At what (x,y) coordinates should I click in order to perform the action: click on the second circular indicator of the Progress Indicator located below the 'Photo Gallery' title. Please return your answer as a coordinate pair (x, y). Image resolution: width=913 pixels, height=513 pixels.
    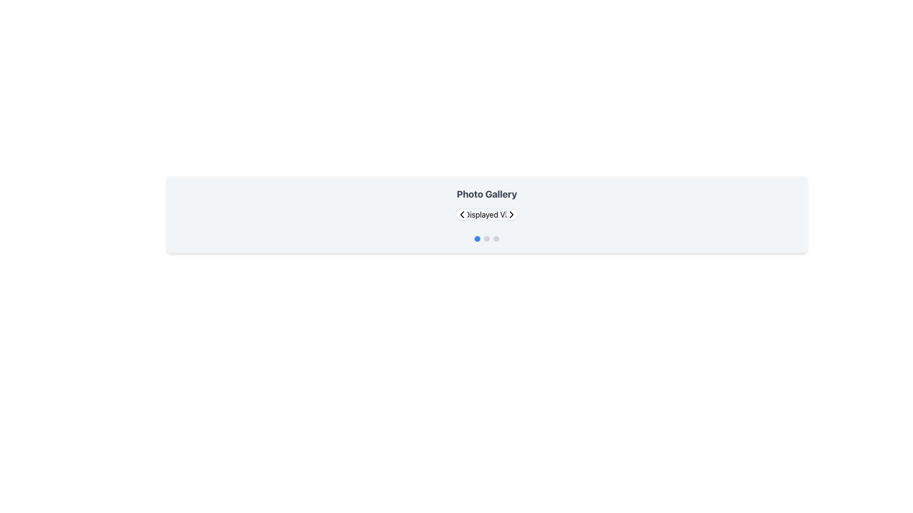
    Looking at the image, I should click on (486, 238).